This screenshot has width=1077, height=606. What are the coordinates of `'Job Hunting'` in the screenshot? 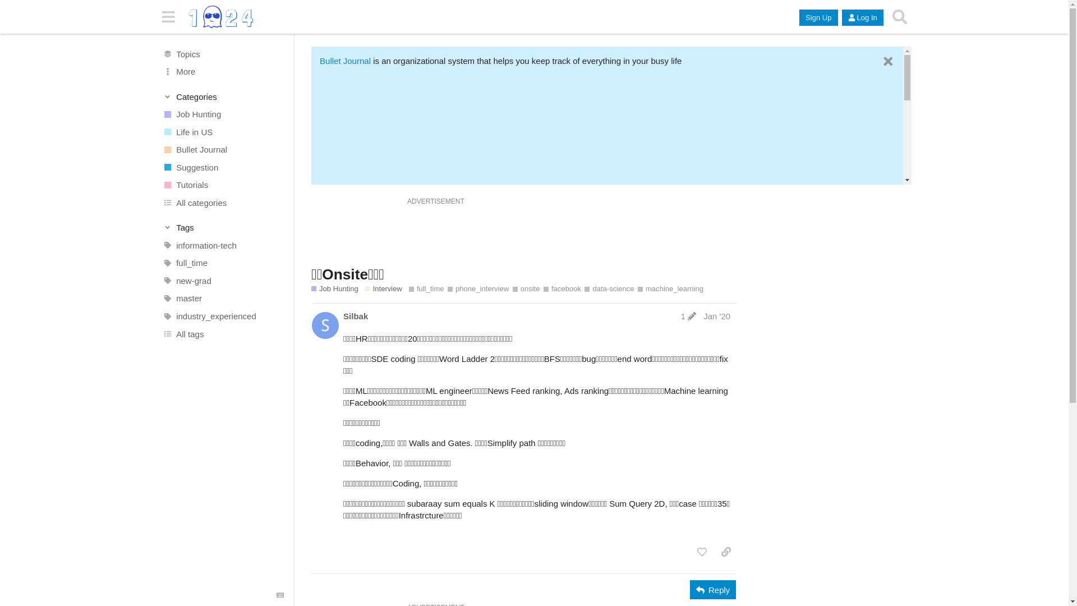 It's located at (223, 114).